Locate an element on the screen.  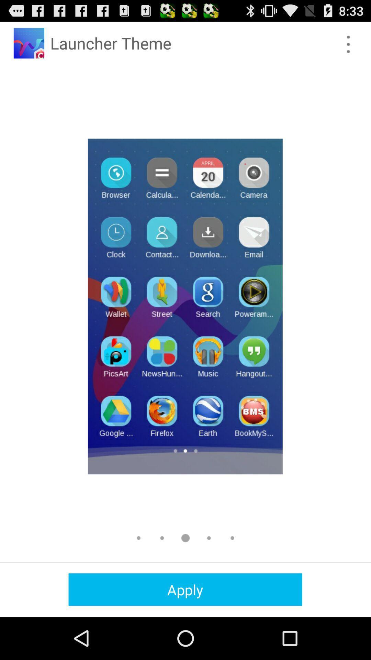
more options is located at coordinates (348, 44).